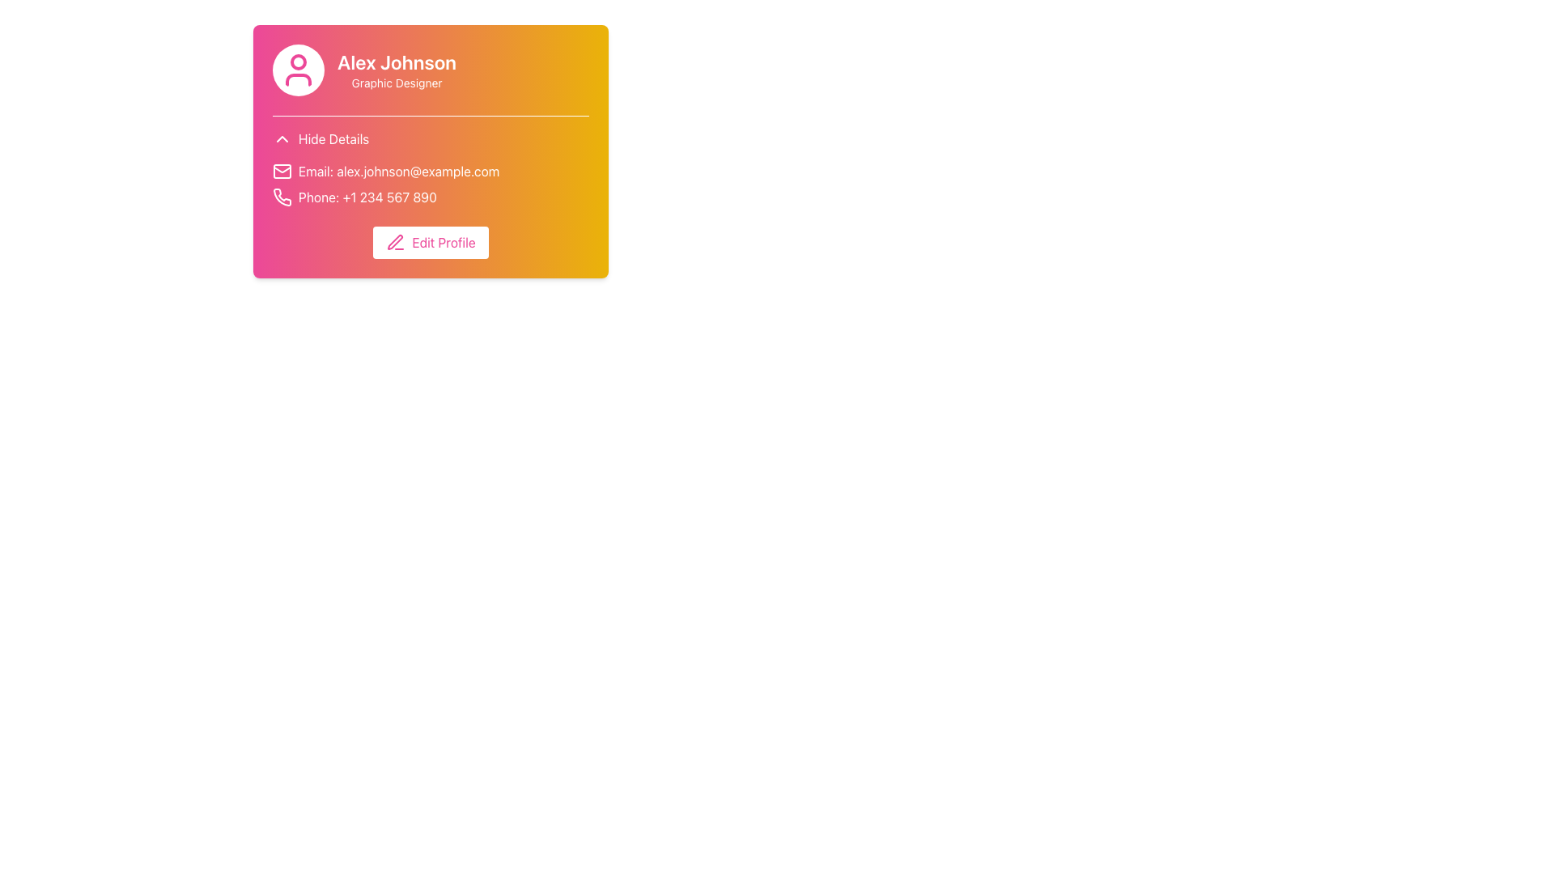  Describe the element at coordinates (399, 172) in the screenshot. I see `displayed email address from the text label indicating the user's email 'Alex Johnson'. This label is positioned adjacent to the envelope icon and above the phone number text` at that location.